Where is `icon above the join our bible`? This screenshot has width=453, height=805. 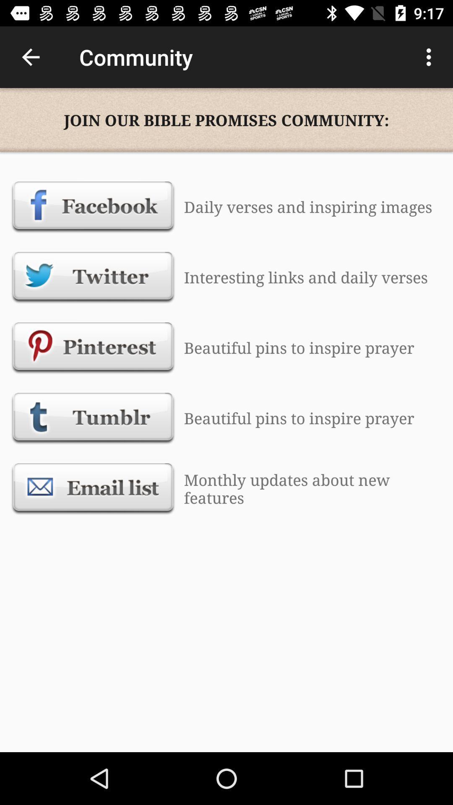
icon above the join our bible is located at coordinates (30, 57).